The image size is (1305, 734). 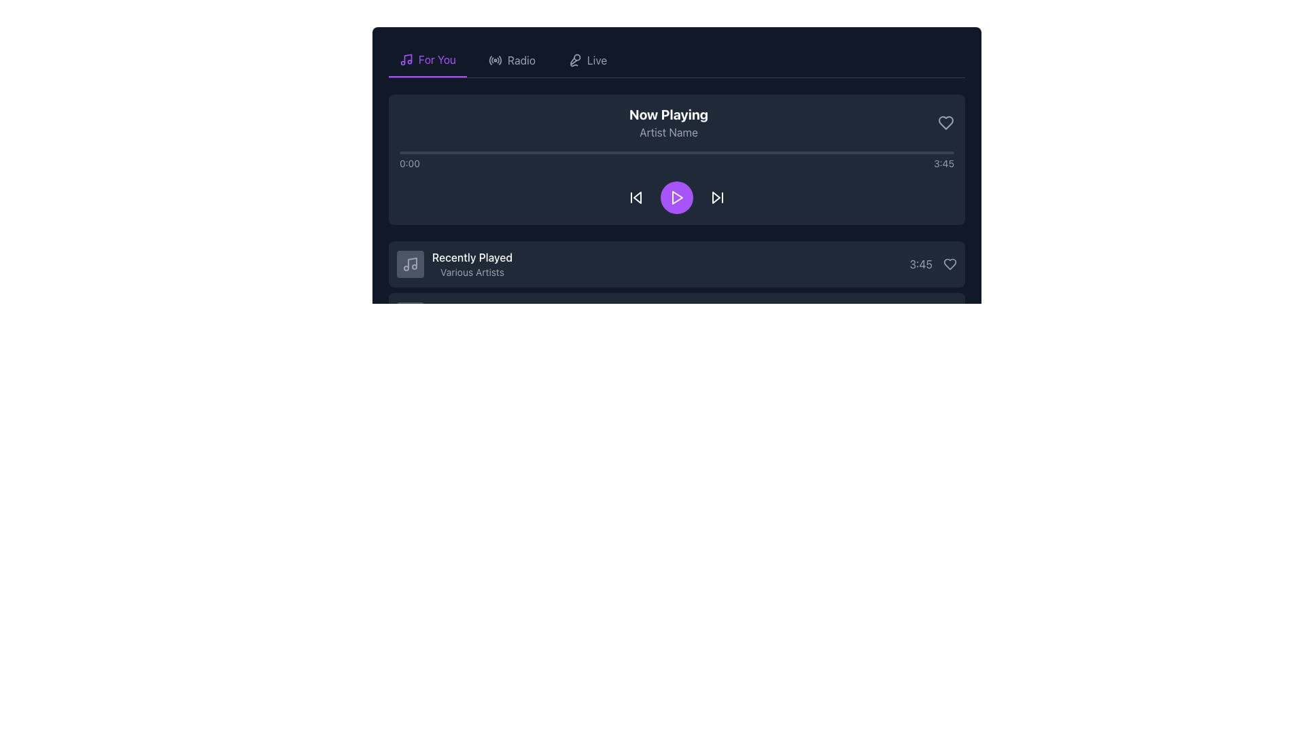 I want to click on the 'skip forward' button represented by the SVG graphical component, which is located between the central play button and another vertical line icon, so click(x=716, y=197).